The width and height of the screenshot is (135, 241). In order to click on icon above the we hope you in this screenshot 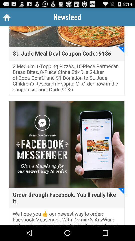, I will do `click(121, 191)`.